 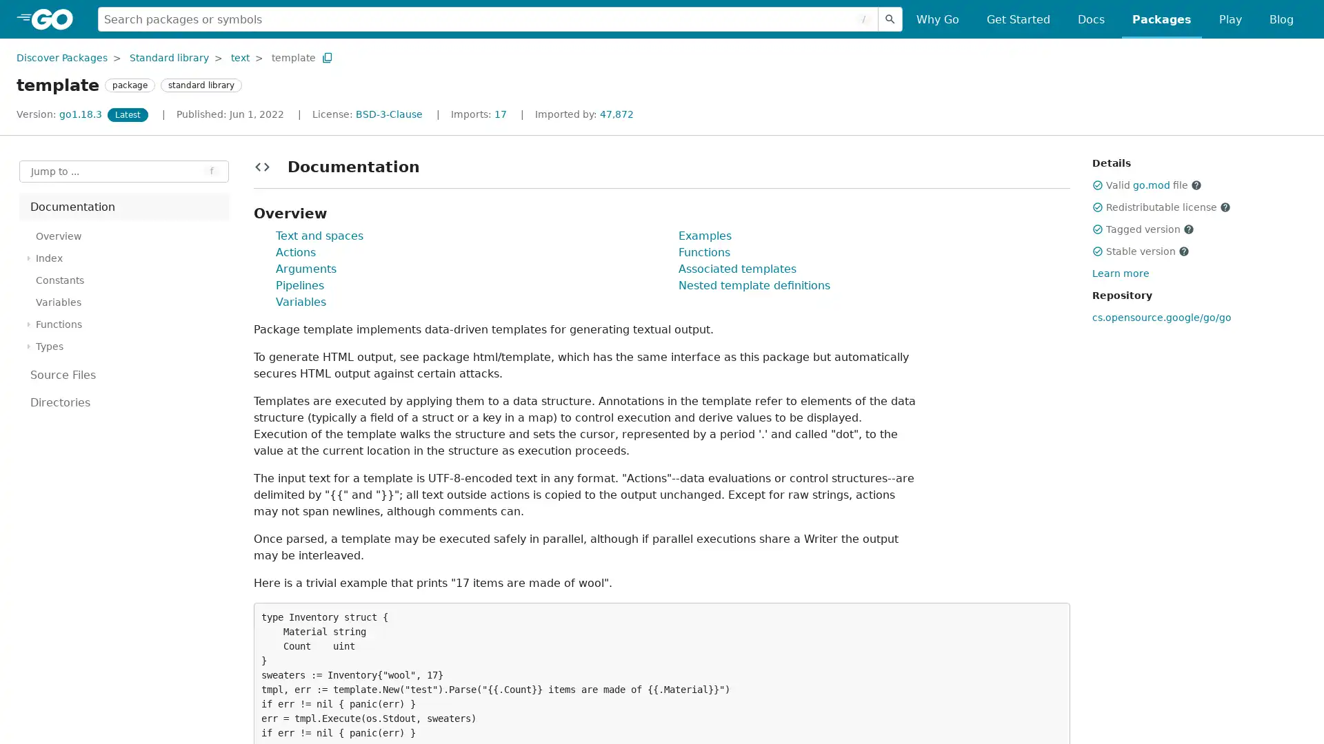 I want to click on Copy Path to Clipboard, so click(x=326, y=56).